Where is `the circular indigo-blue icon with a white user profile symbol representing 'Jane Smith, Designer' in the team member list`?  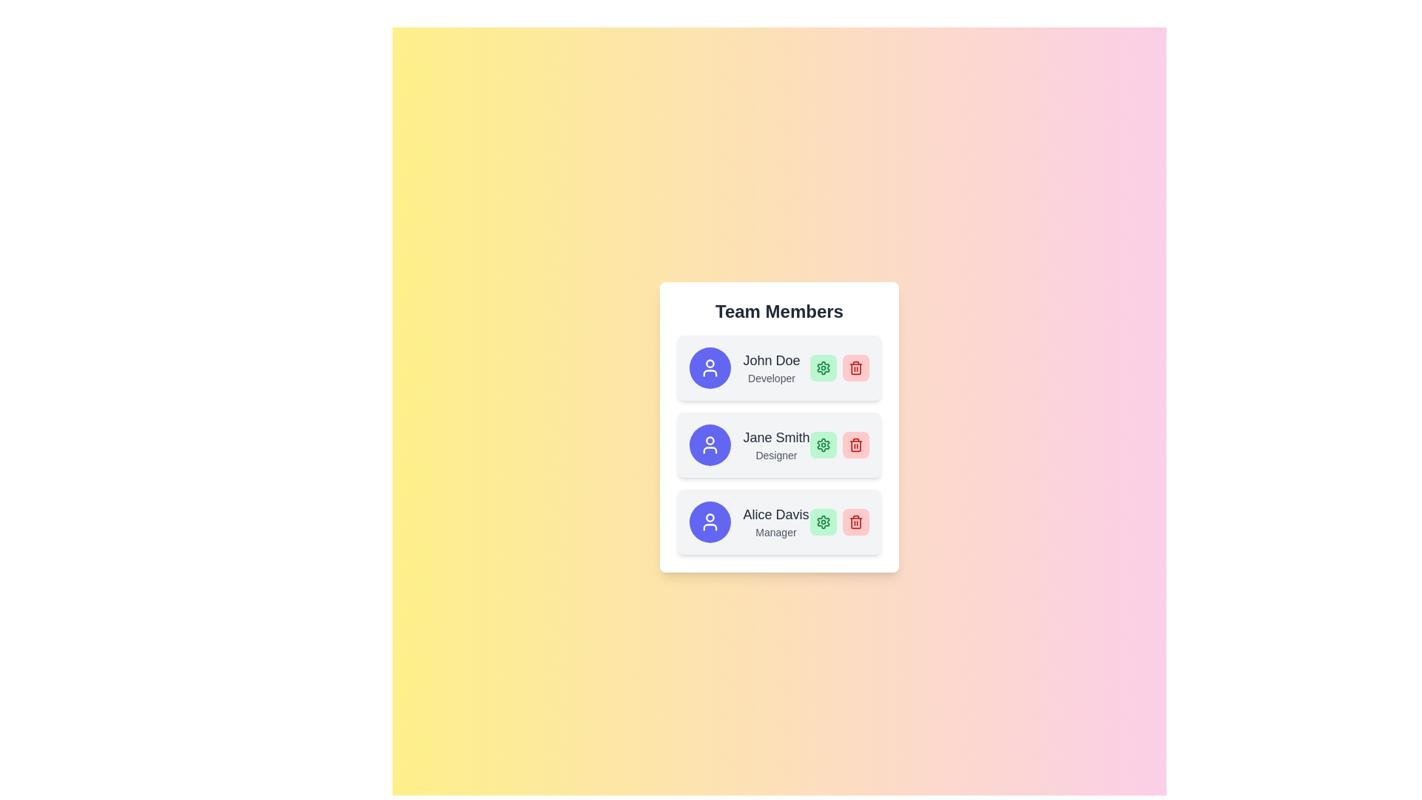
the circular indigo-blue icon with a white user profile symbol representing 'Jane Smith, Designer' in the team member list is located at coordinates (710, 444).